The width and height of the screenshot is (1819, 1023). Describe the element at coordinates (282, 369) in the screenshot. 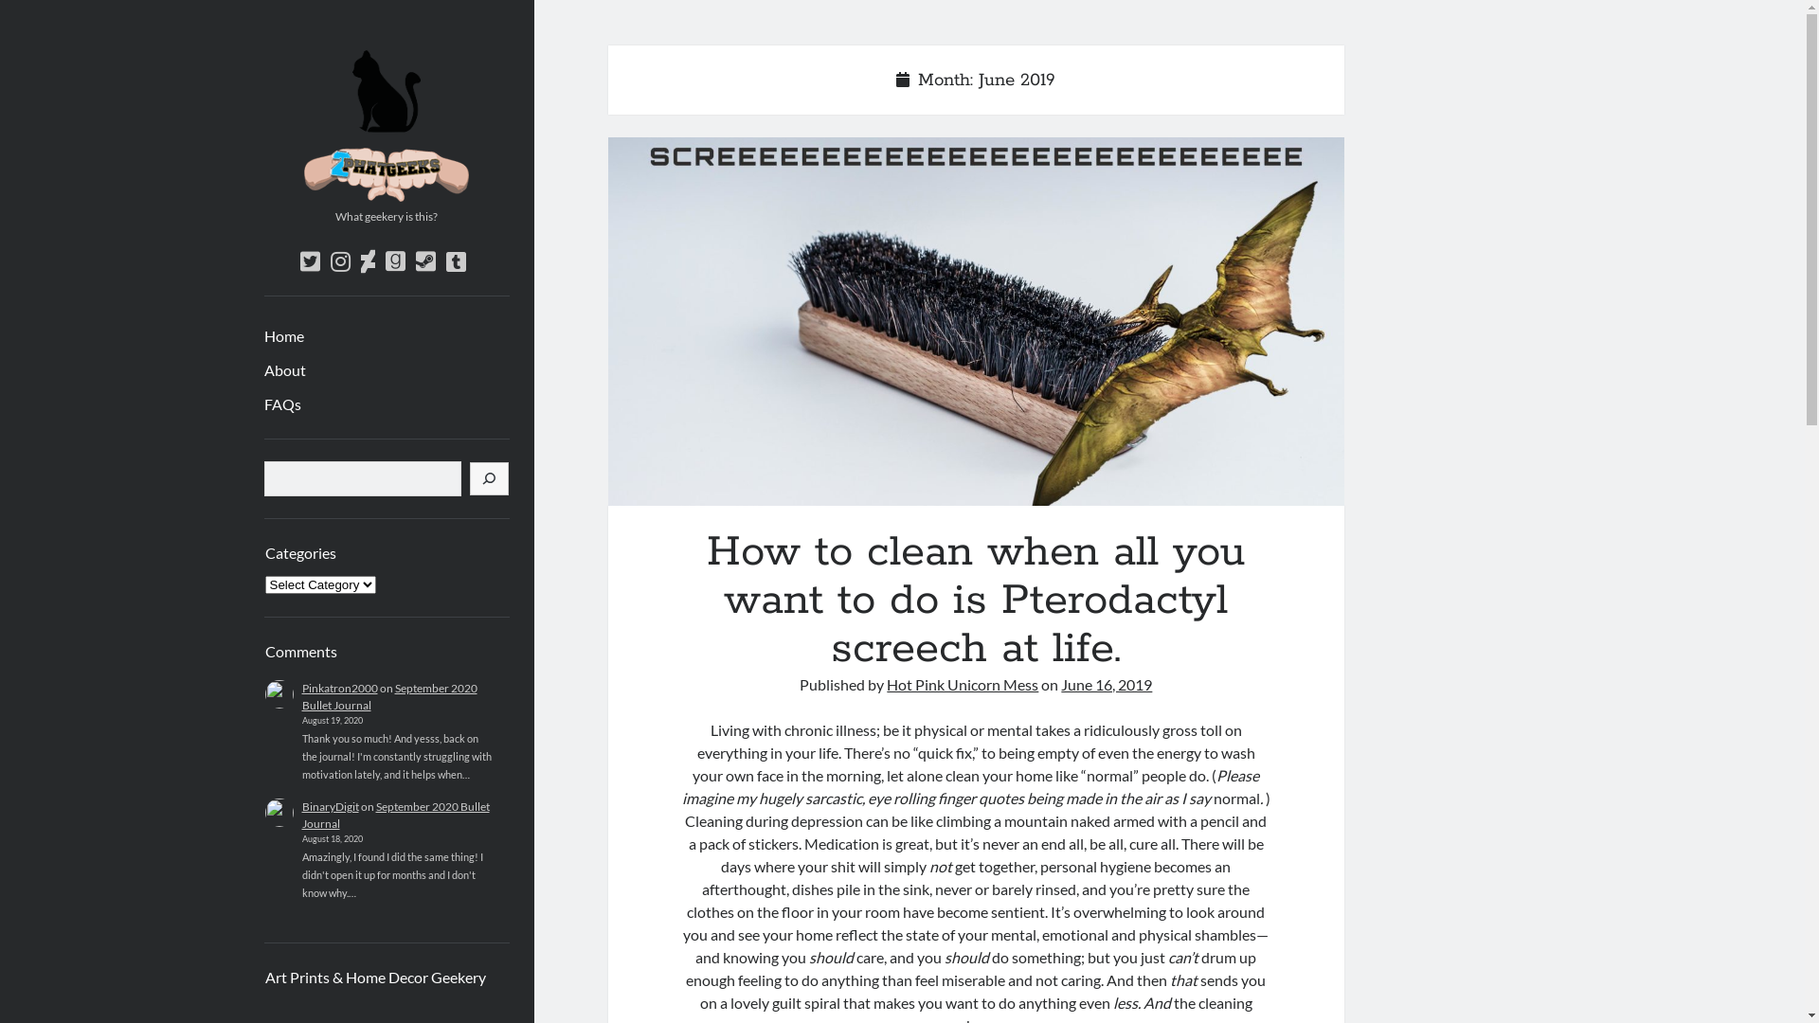

I see `'About'` at that location.